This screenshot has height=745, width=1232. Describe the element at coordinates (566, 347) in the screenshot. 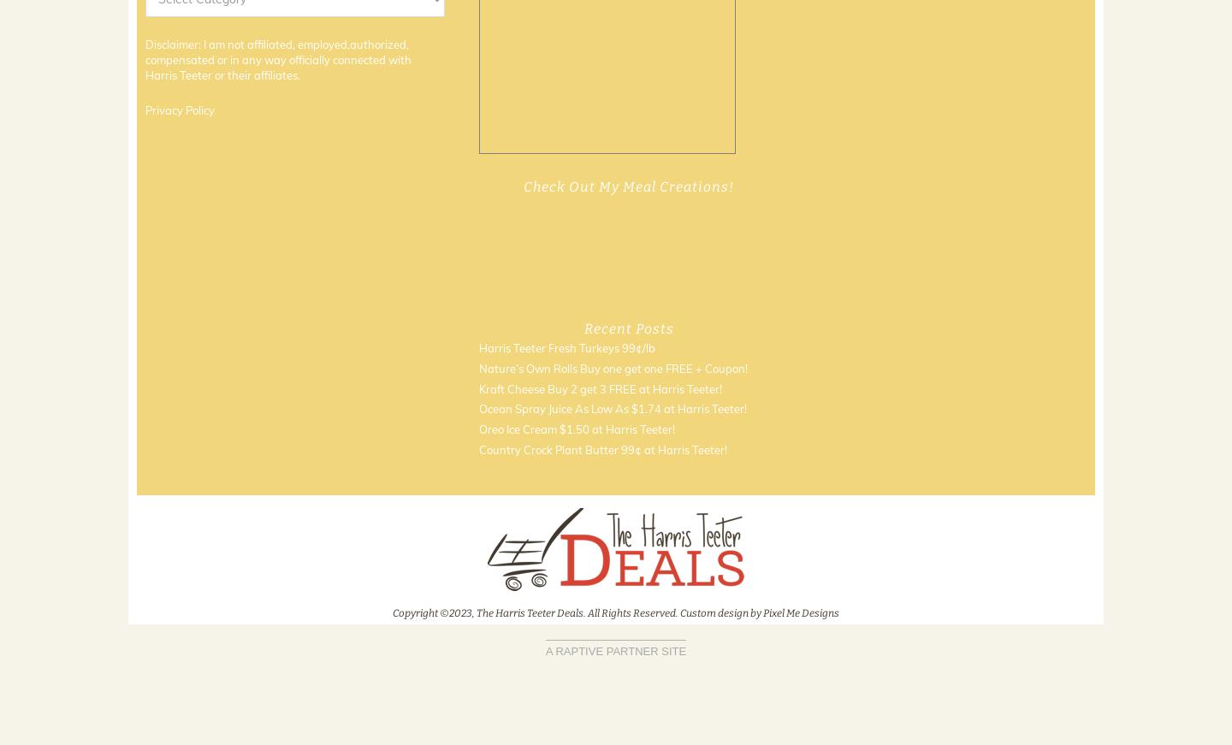

I see `'Harris Teeter Fresh Turkeys 99¢/lb'` at that location.